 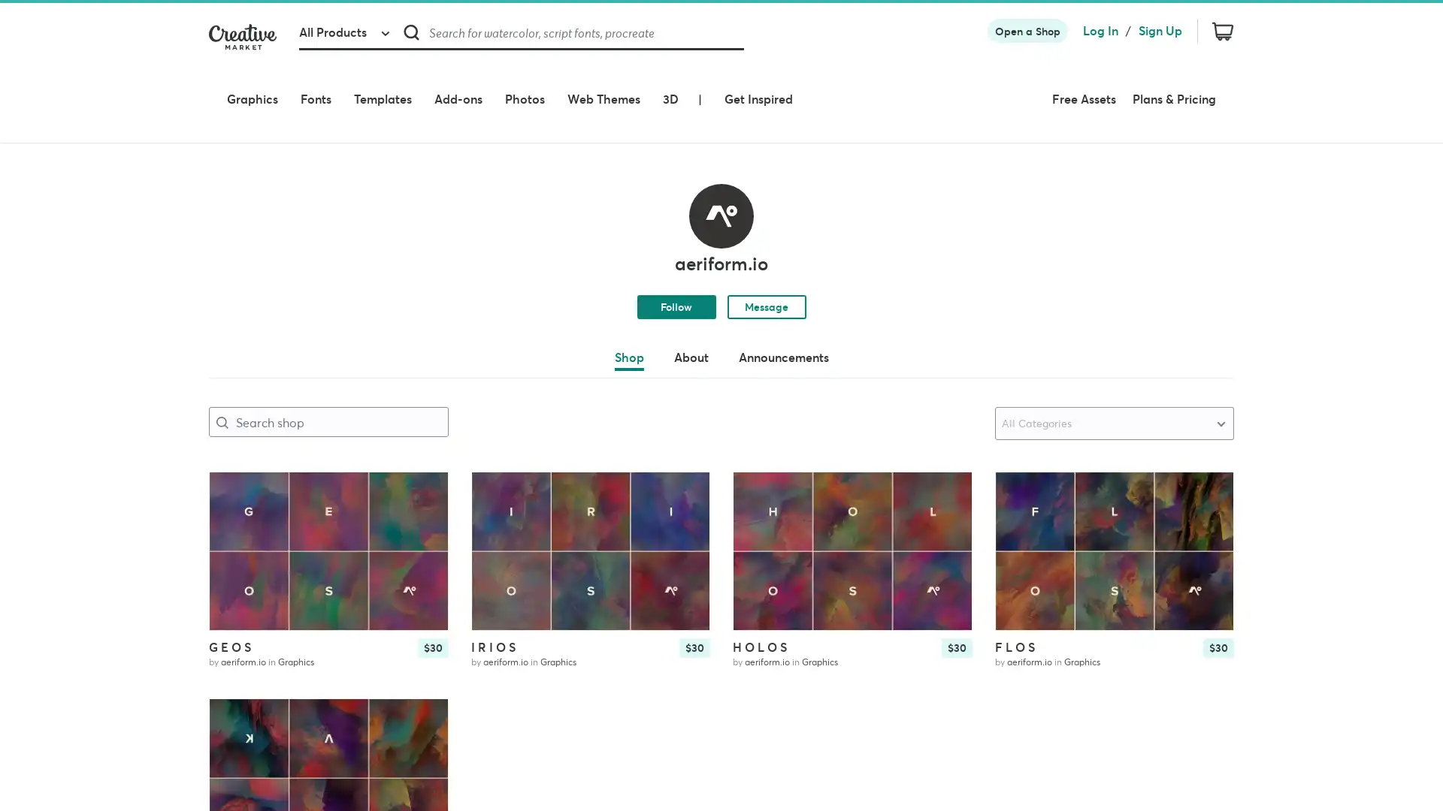 I want to click on Save, so click(x=685, y=464).